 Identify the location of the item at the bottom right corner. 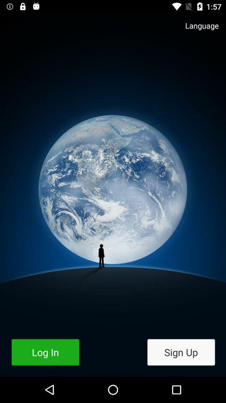
(180, 352).